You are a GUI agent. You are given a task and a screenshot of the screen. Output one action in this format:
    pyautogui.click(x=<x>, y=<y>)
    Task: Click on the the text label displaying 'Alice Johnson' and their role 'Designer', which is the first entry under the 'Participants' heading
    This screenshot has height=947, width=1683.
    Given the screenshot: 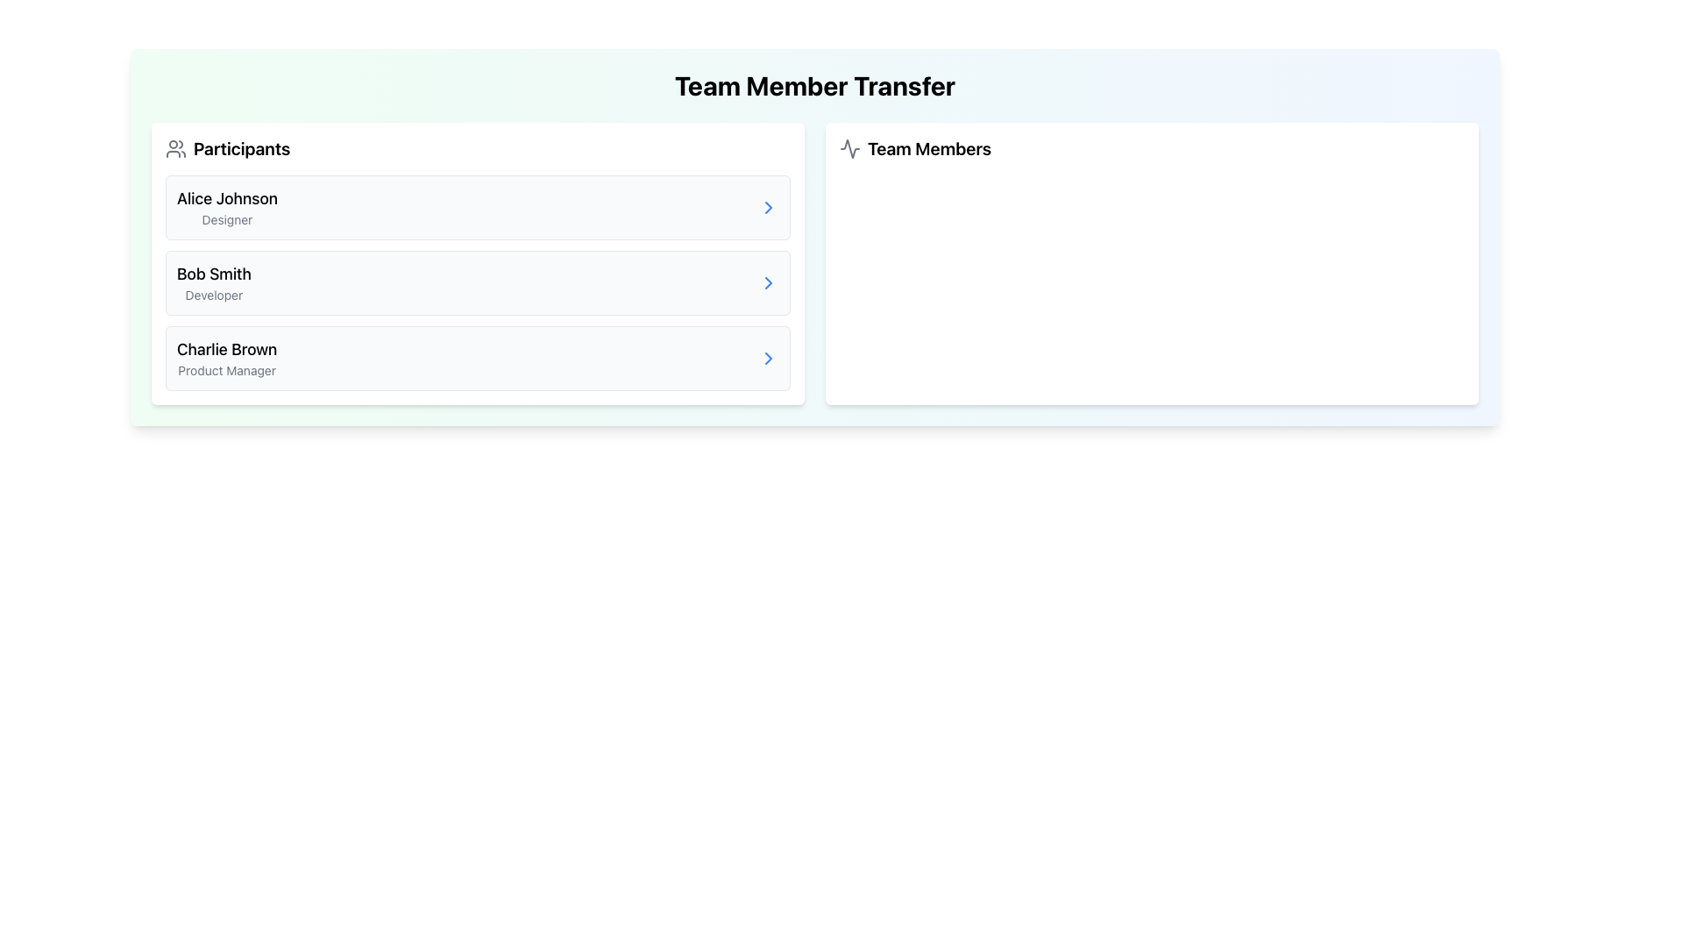 What is the action you would take?
    pyautogui.click(x=226, y=206)
    